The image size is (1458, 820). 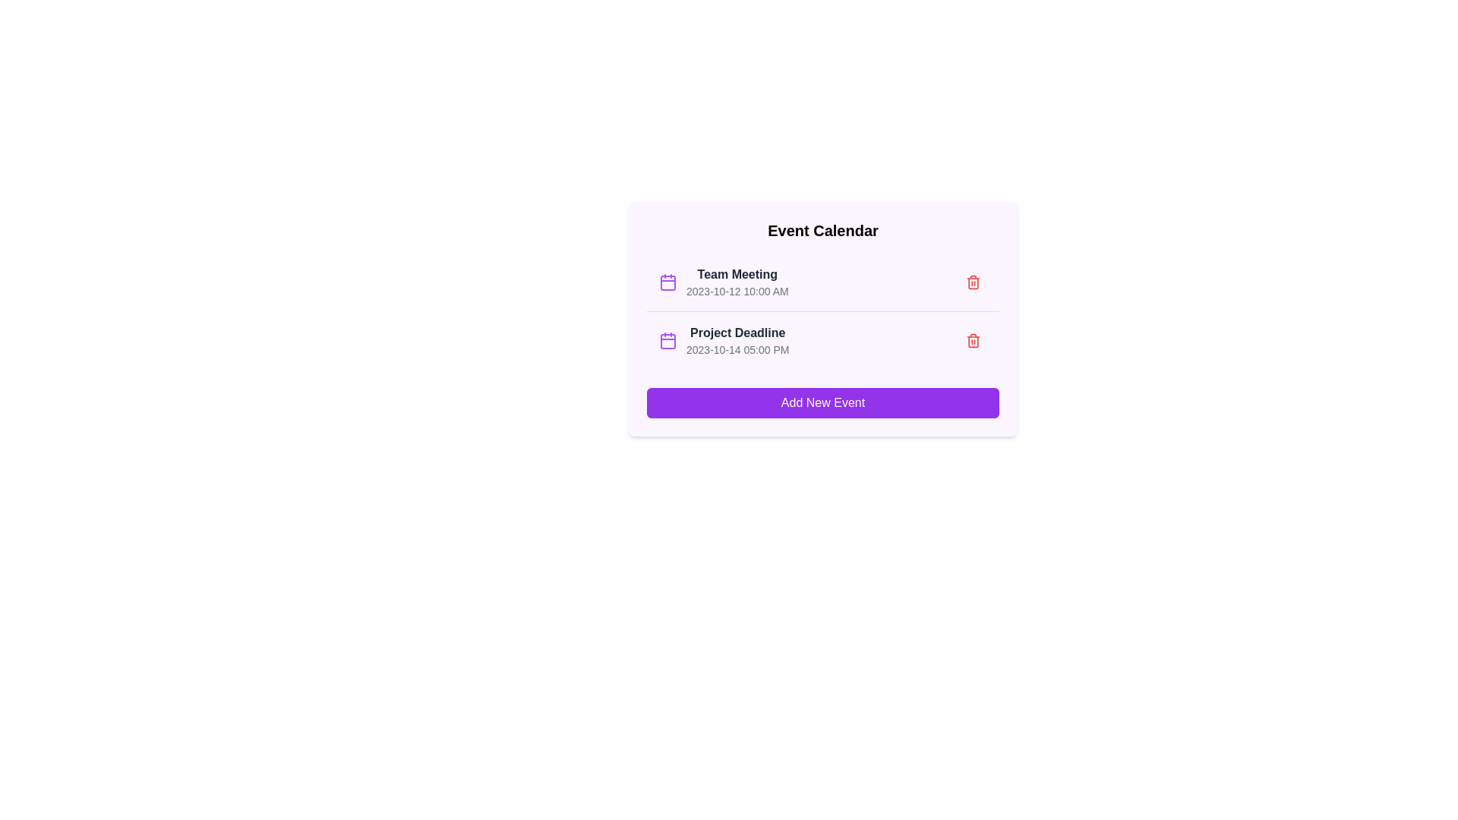 What do you see at coordinates (667, 339) in the screenshot?
I see `the calendar icon associated with Project Deadline` at bounding box center [667, 339].